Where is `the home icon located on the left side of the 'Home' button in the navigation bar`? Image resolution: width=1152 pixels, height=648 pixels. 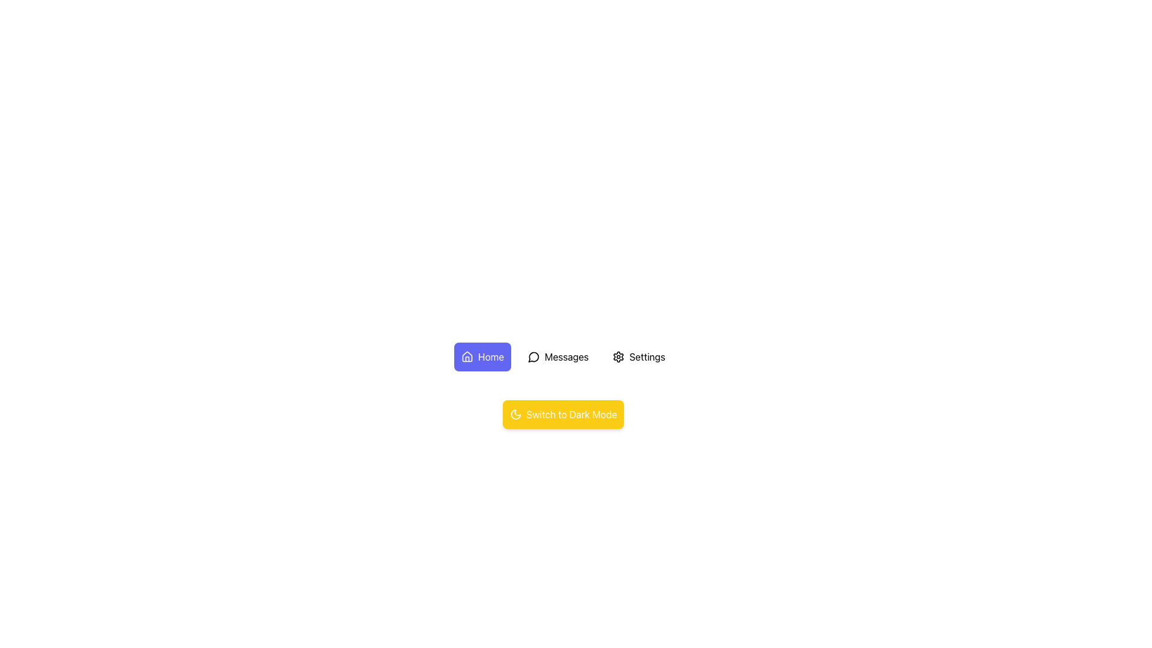 the home icon located on the left side of the 'Home' button in the navigation bar is located at coordinates (466, 356).